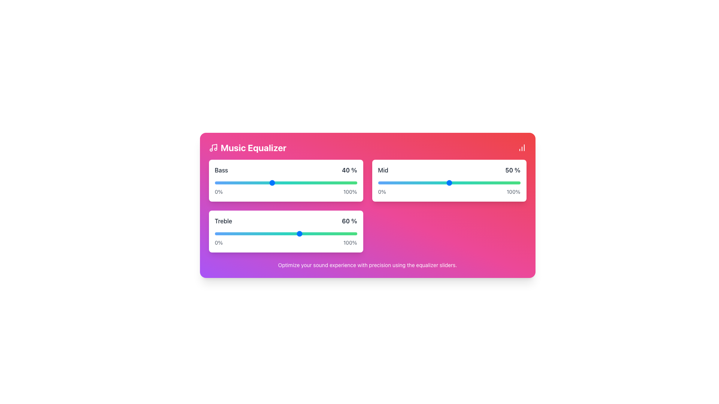  Describe the element at coordinates (275, 183) in the screenshot. I see `the bass level` at that location.